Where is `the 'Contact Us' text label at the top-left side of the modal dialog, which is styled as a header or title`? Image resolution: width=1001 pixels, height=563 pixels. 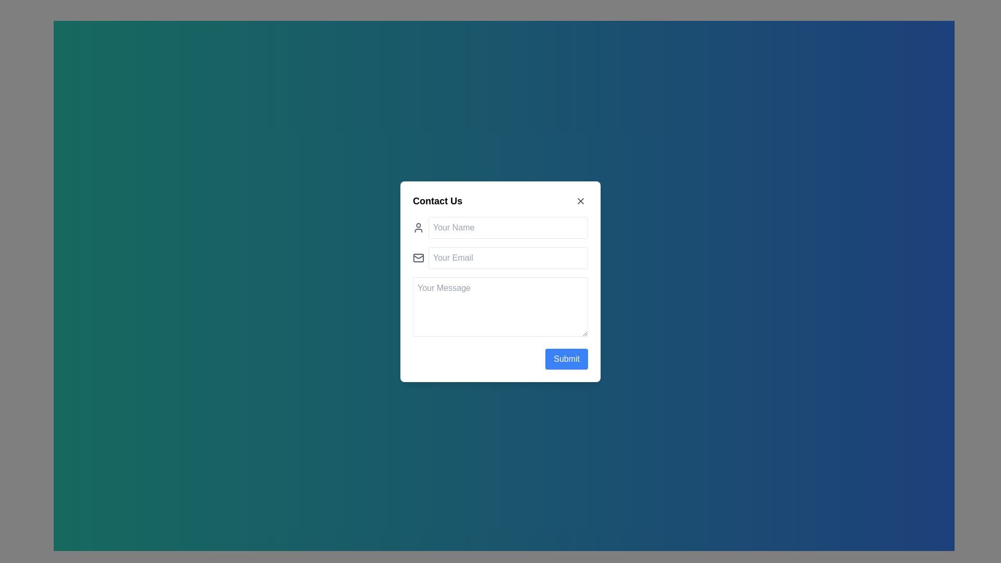
the 'Contact Us' text label at the top-left side of the modal dialog, which is styled as a header or title is located at coordinates (437, 201).